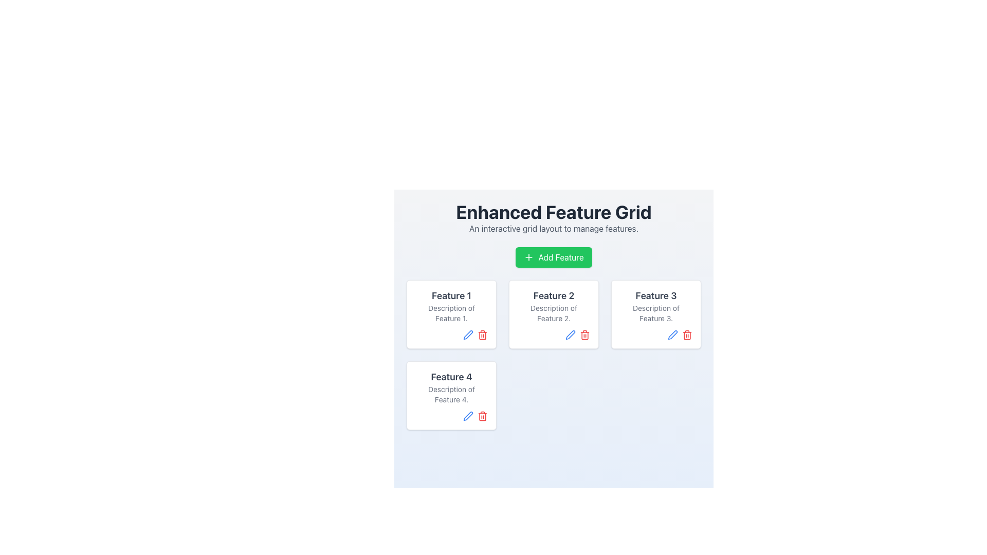  I want to click on the editing button located in the lower right corner of the 'Feature 4' card to initiate editing, so click(468, 416).